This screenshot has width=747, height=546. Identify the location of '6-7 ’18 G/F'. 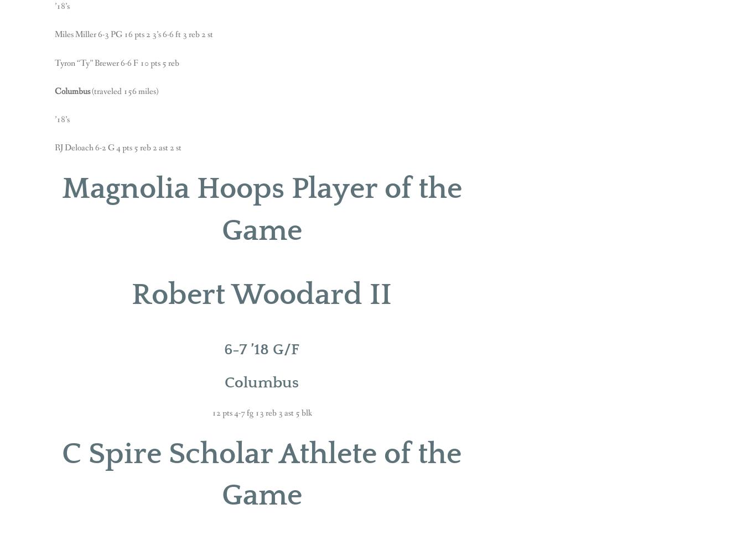
(224, 349).